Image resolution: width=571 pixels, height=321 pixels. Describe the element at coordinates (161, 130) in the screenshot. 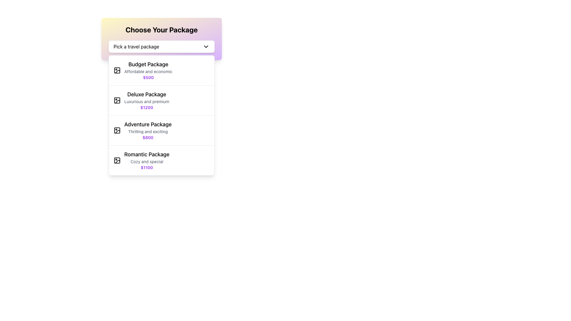

I see `the selectable list item labeled 'Adventure Package' in the dropdown menu` at that location.